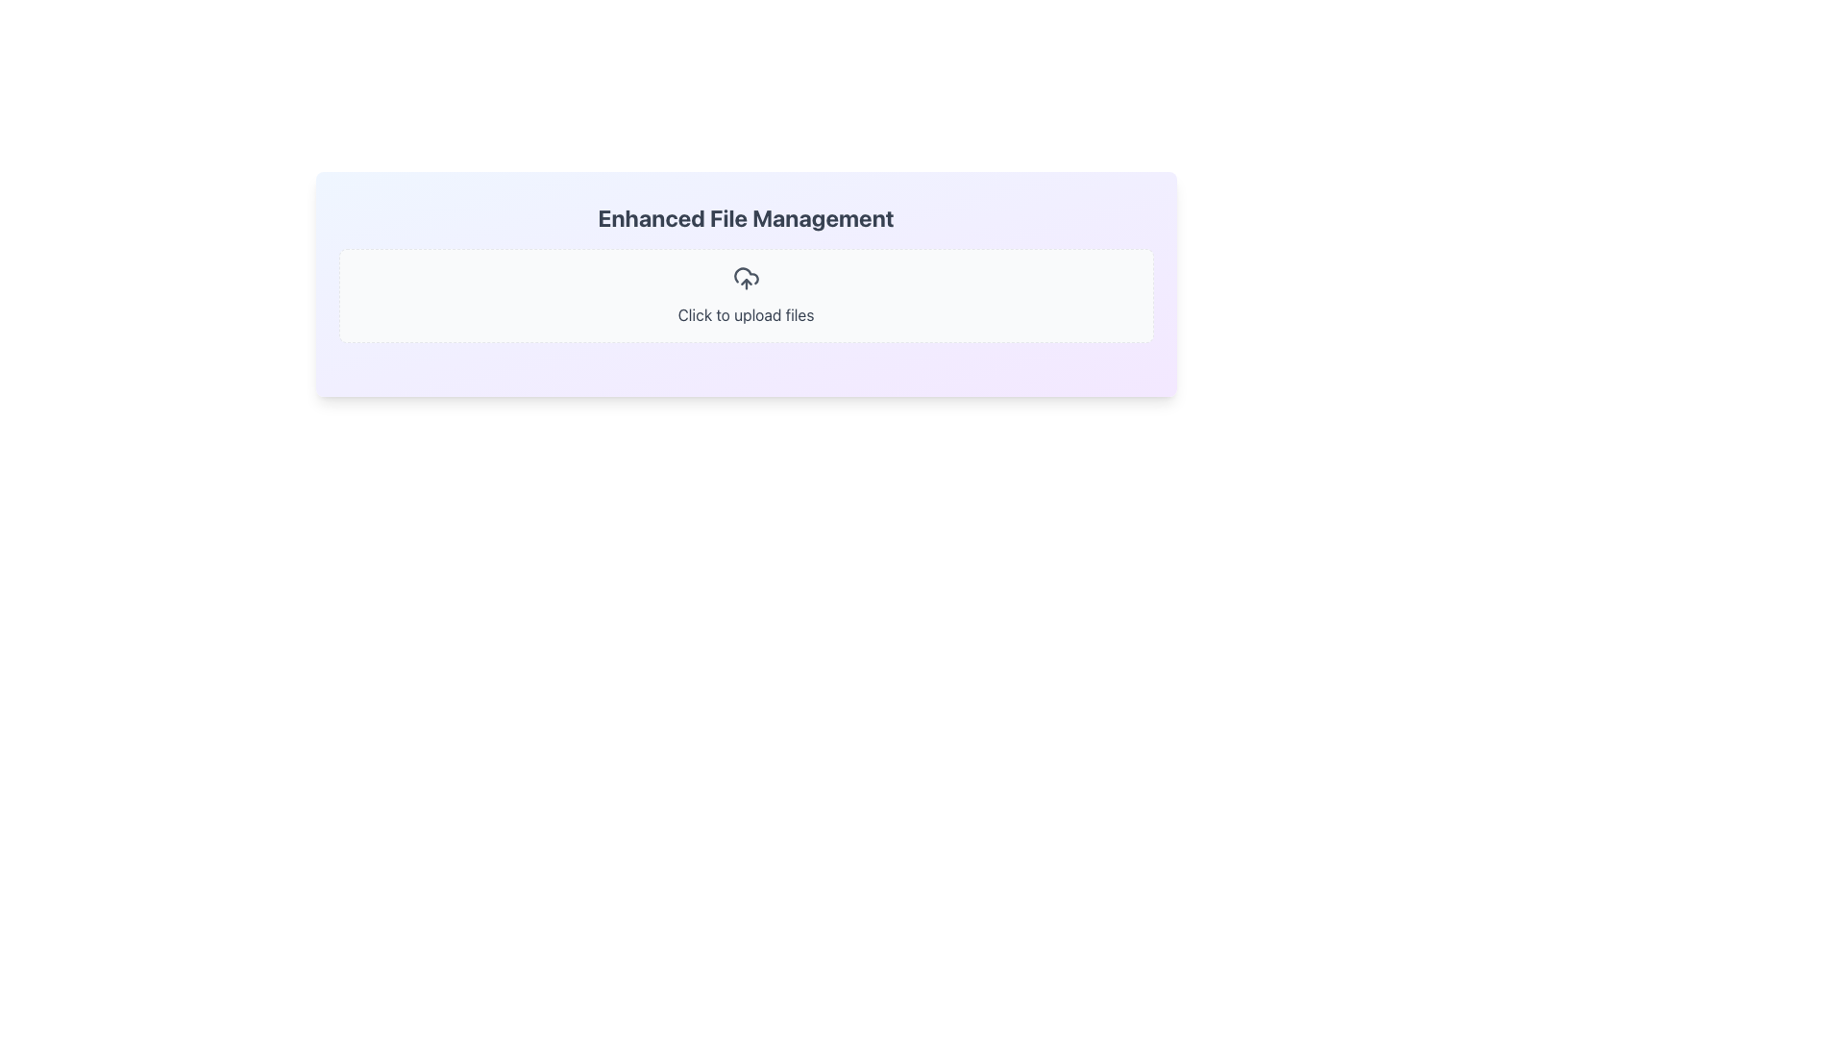 This screenshot has height=1038, width=1845. Describe the element at coordinates (745, 217) in the screenshot. I see `the Heading Text that serves as a title for the file management module, located at the top center of the card component` at that location.